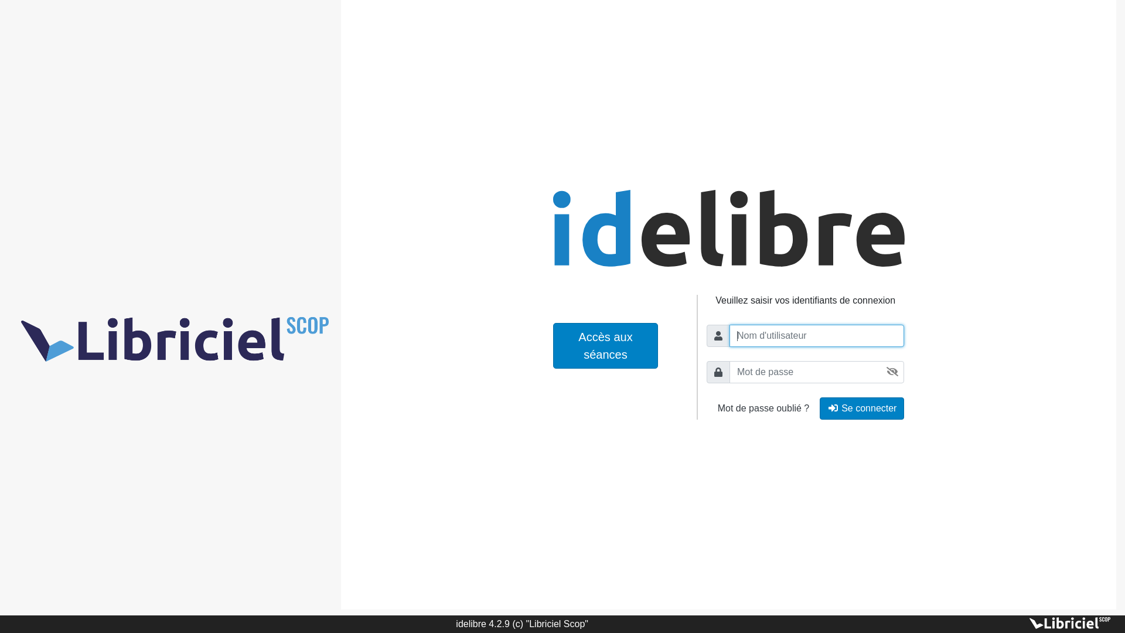  I want to click on 'Se connecter', so click(862, 408).